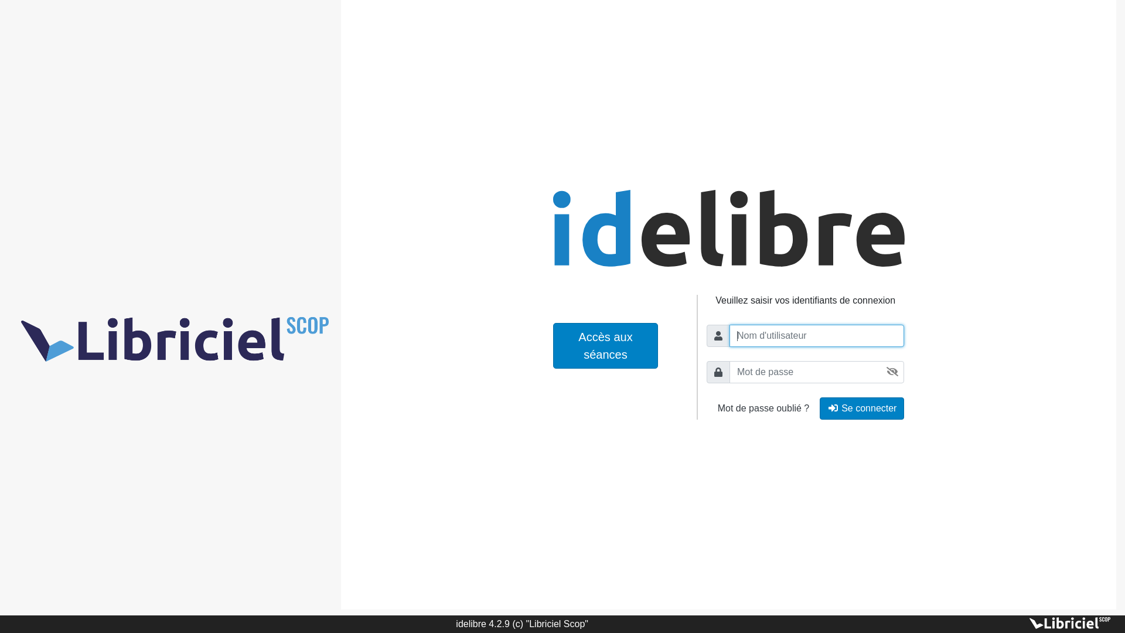  I want to click on 'Se connecter', so click(862, 408).